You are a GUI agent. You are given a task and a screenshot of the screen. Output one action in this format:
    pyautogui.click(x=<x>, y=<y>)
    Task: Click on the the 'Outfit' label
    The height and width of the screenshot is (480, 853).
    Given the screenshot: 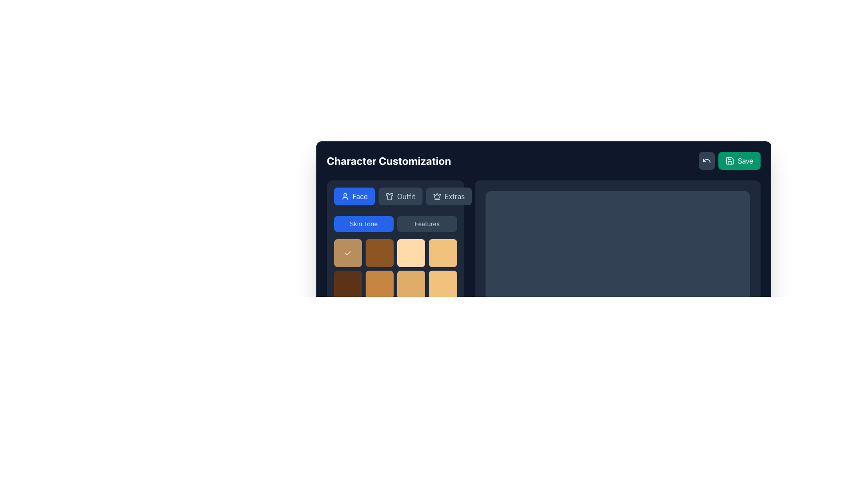 What is the action you would take?
    pyautogui.click(x=406, y=196)
    